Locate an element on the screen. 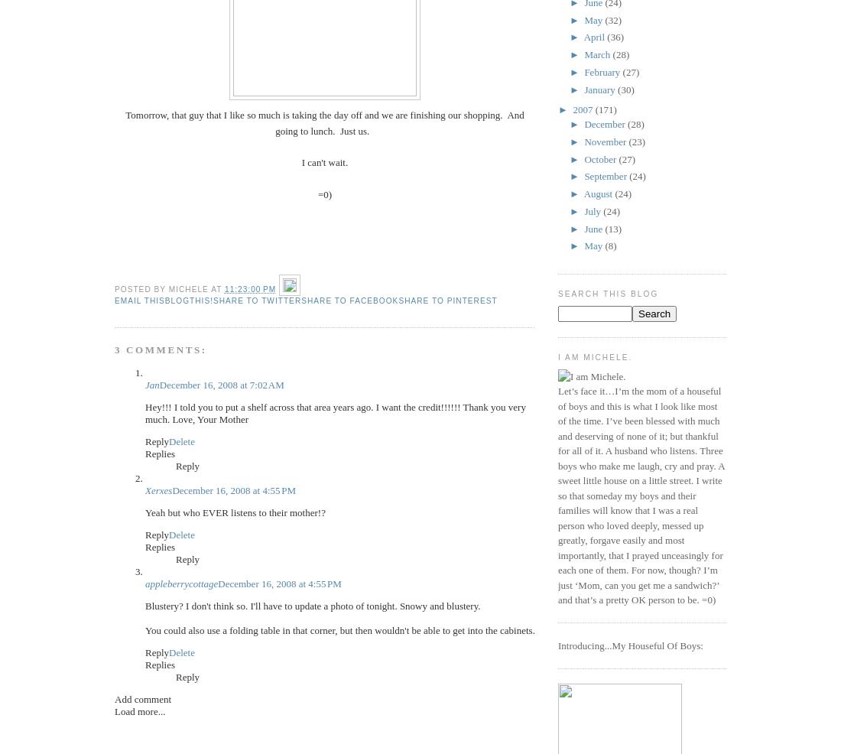 The height and width of the screenshot is (754, 841). 'September' is located at coordinates (606, 175).